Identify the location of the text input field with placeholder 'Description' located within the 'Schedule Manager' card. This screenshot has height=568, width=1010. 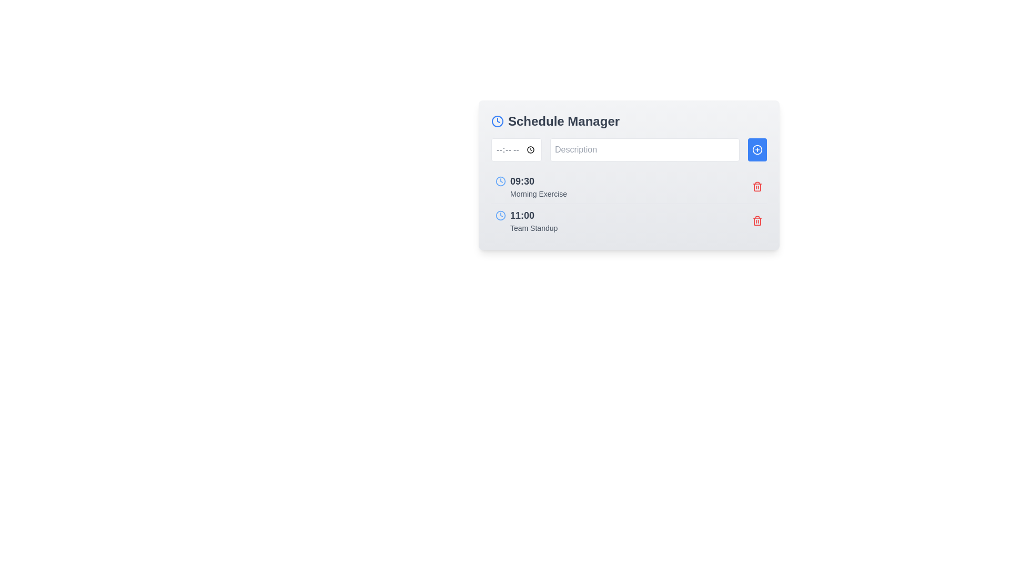
(644, 150).